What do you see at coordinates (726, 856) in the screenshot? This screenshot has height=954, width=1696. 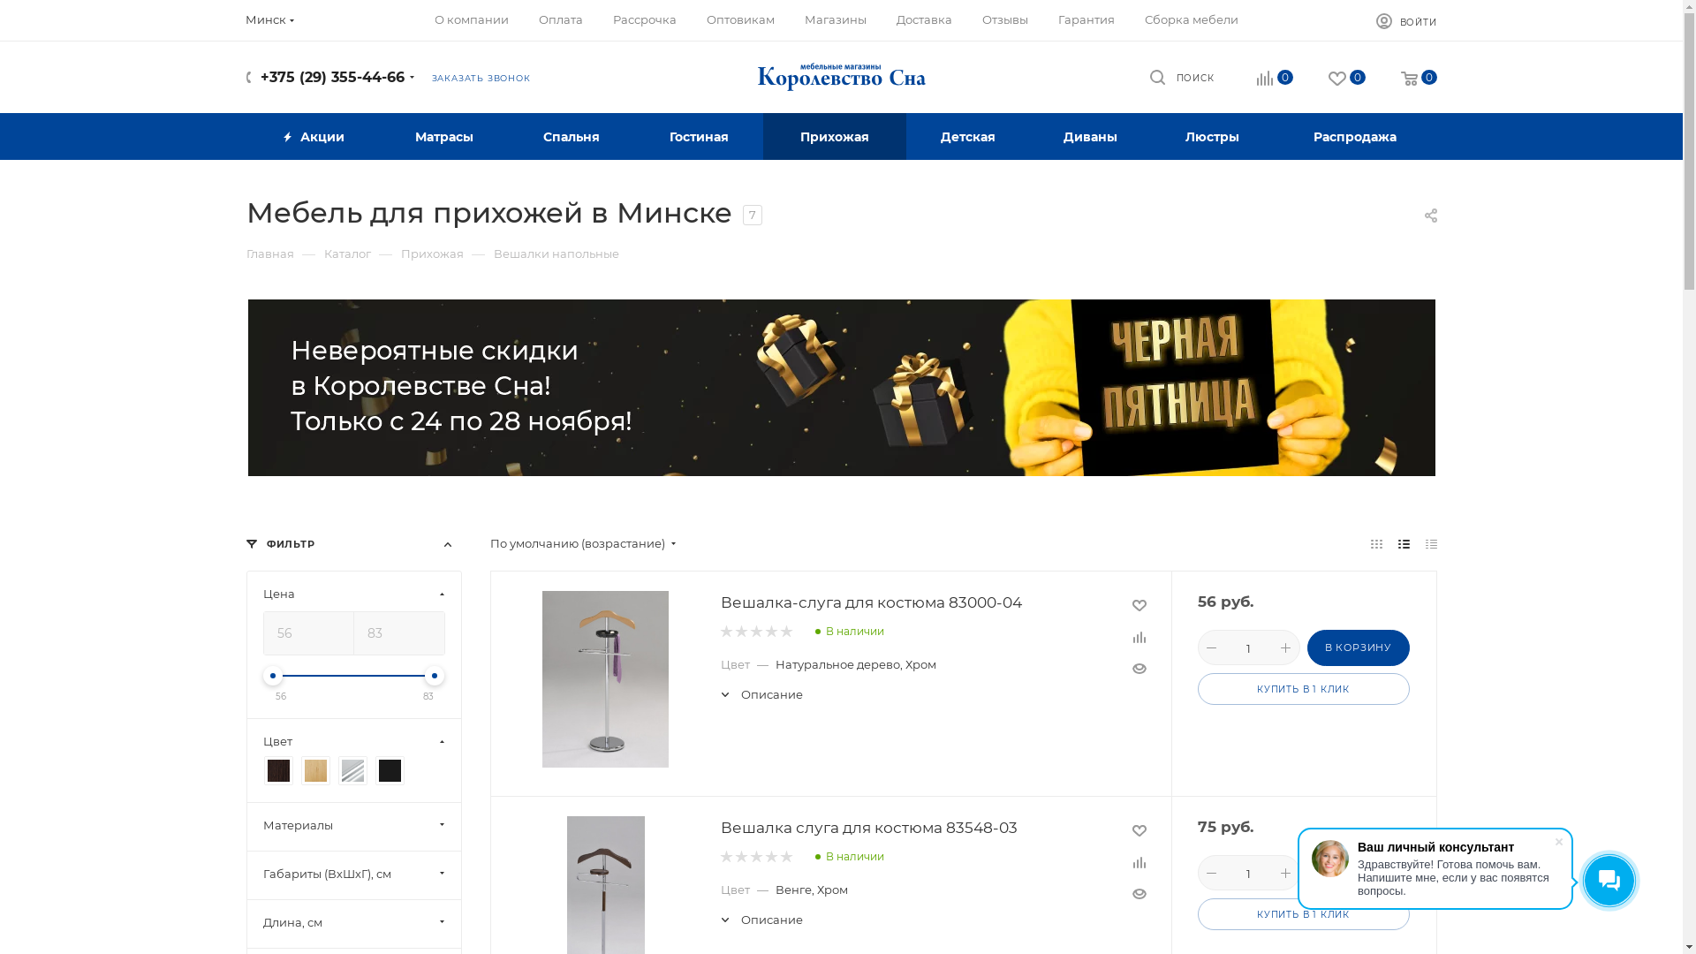 I see `'1'` at bounding box center [726, 856].